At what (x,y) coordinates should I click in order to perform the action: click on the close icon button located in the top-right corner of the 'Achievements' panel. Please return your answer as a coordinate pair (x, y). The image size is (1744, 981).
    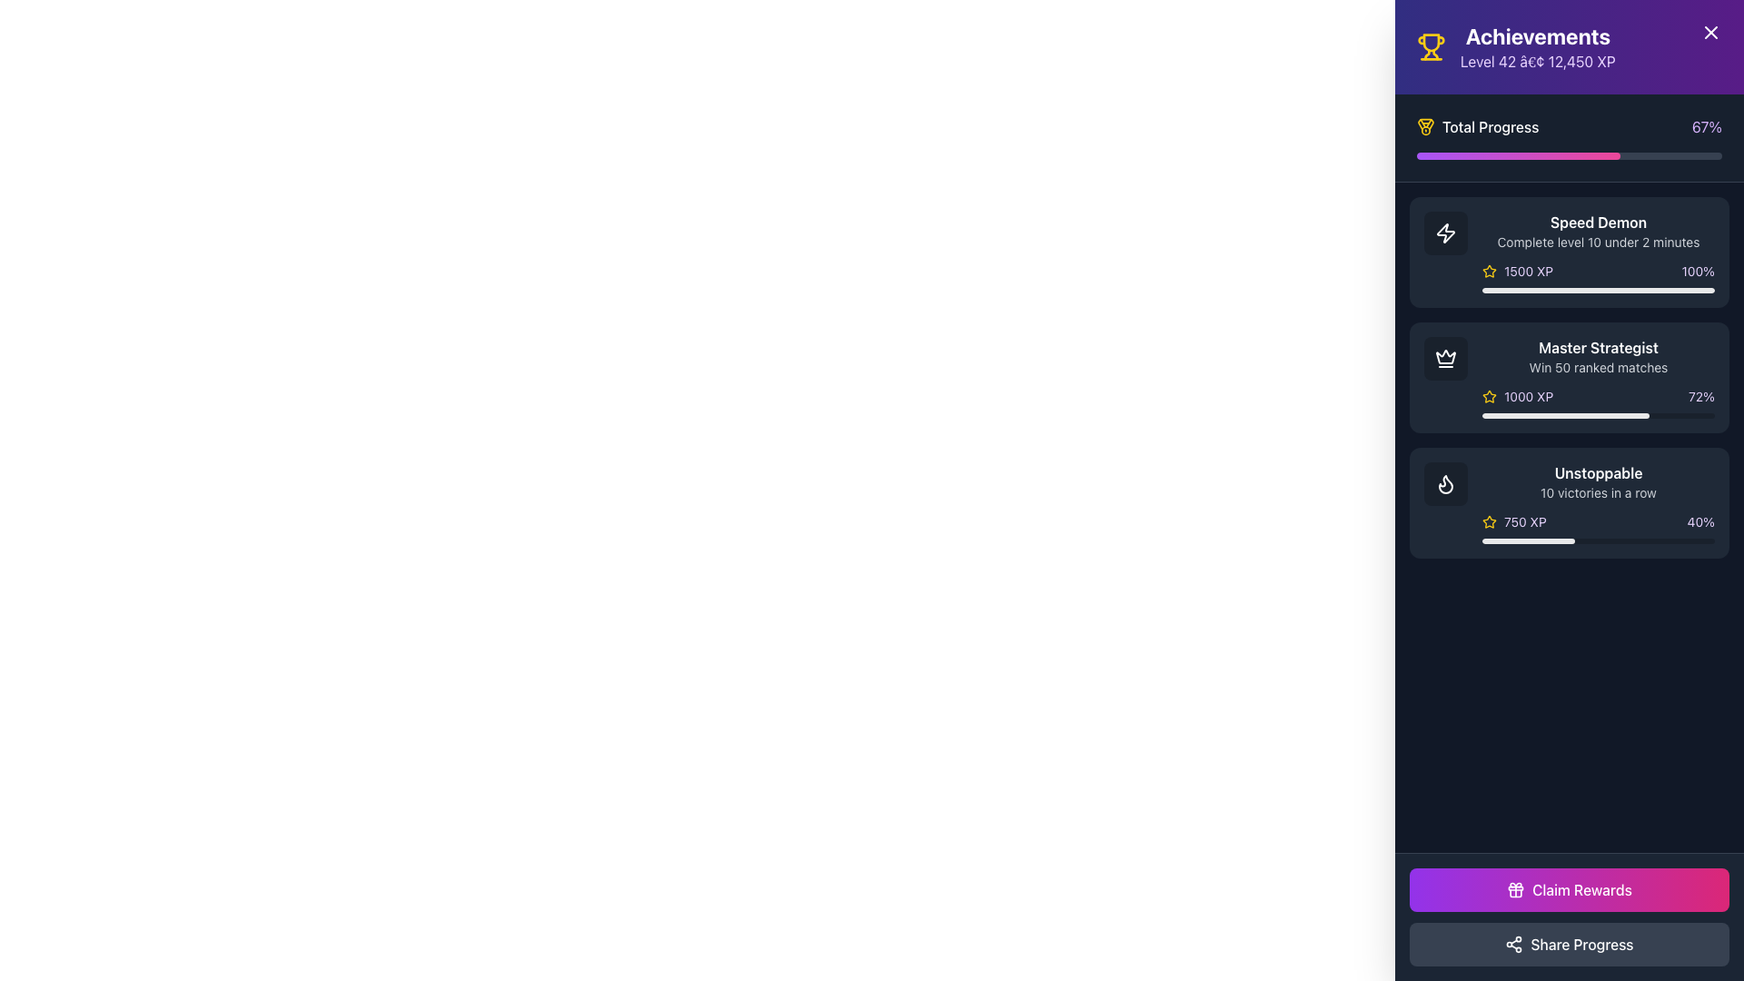
    Looking at the image, I should click on (1709, 32).